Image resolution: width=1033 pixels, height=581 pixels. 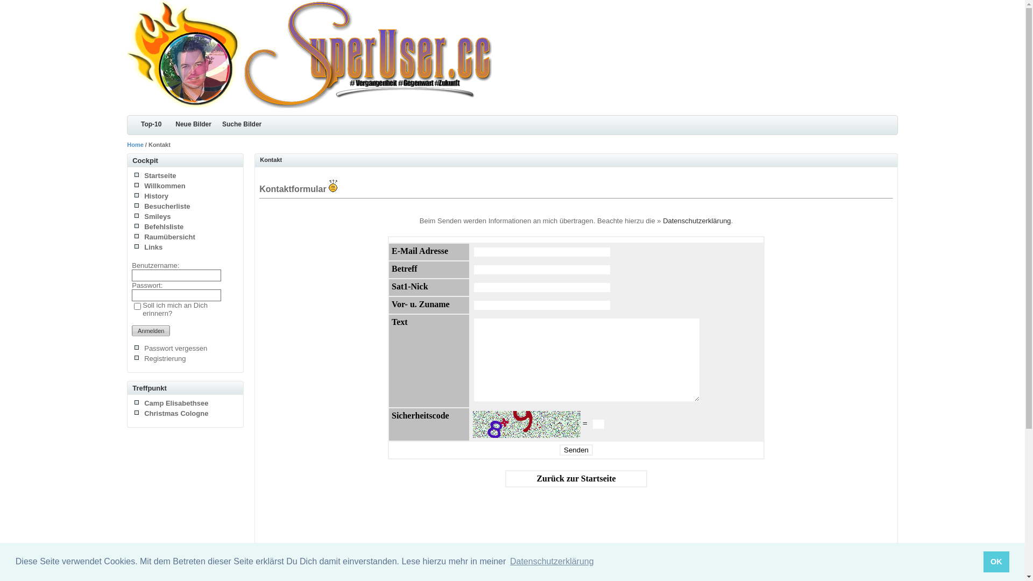 I want to click on 'Anmelden', so click(x=150, y=330).